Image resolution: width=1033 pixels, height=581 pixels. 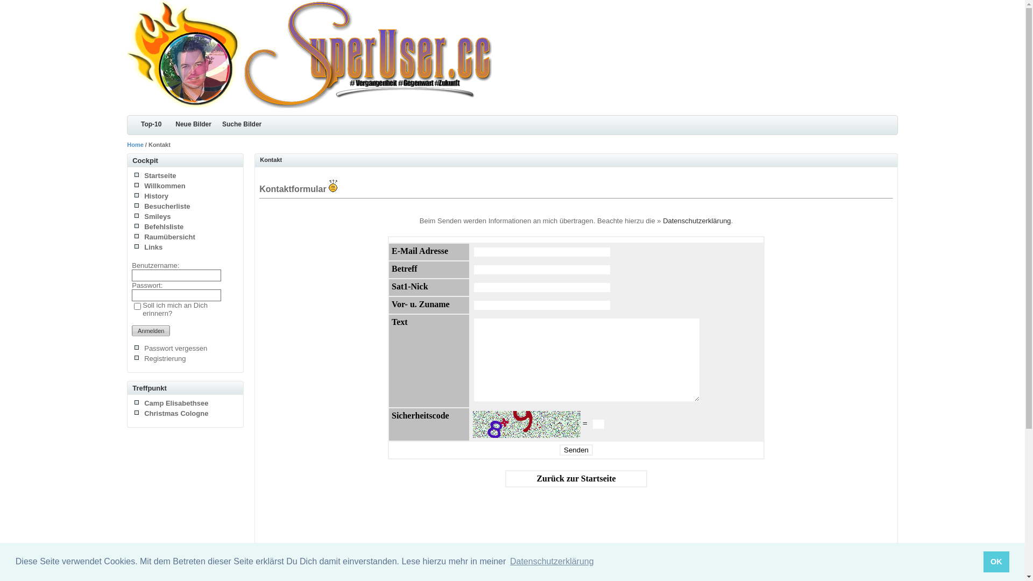 I want to click on 'Anmelden', so click(x=150, y=330).